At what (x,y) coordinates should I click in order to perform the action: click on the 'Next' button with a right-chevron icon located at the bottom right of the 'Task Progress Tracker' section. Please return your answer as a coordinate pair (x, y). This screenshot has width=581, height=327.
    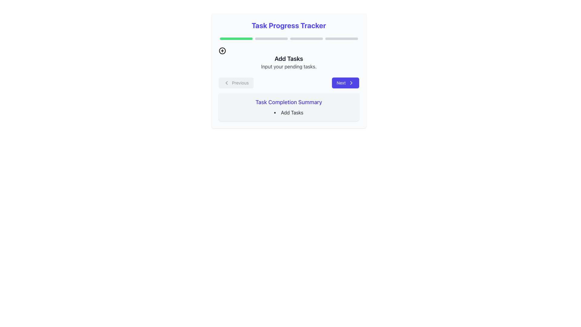
    Looking at the image, I should click on (345, 83).